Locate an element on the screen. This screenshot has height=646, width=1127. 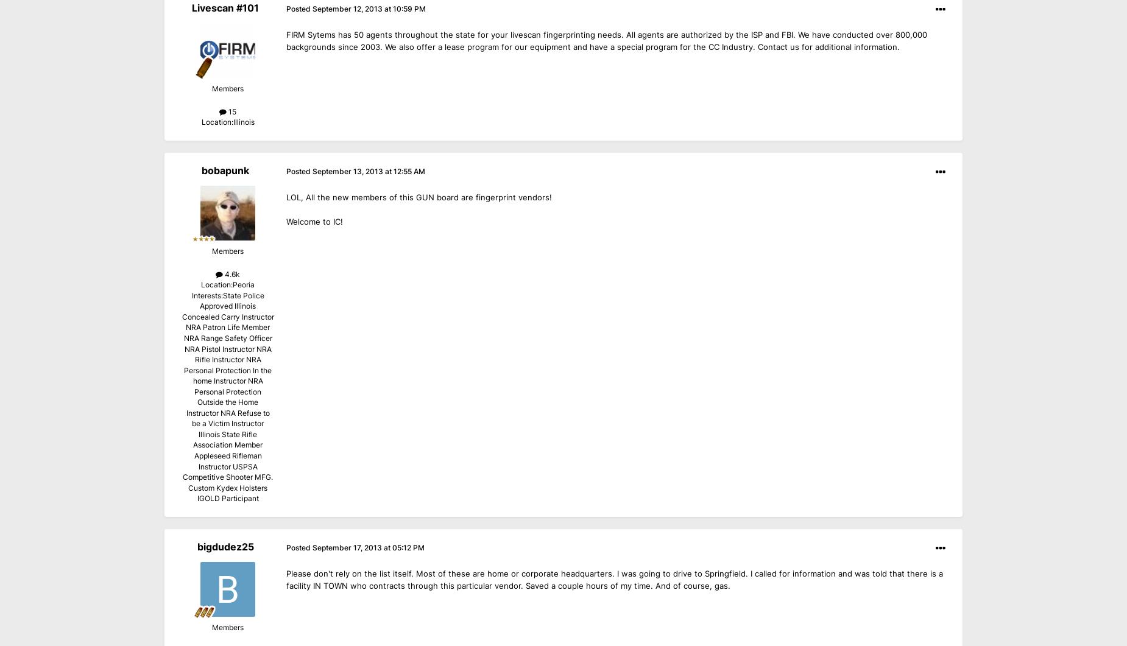
'bigdudez25' is located at coordinates (224, 545).